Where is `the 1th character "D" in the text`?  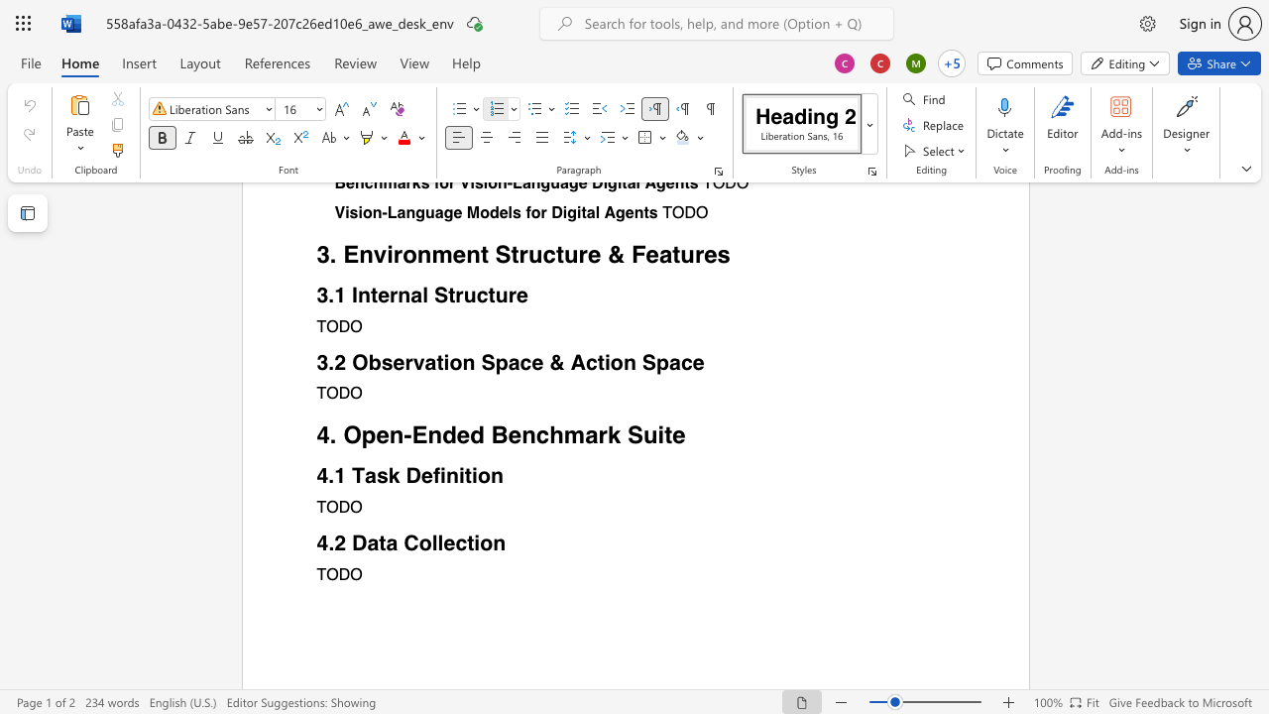 the 1th character "D" in the text is located at coordinates (359, 542).